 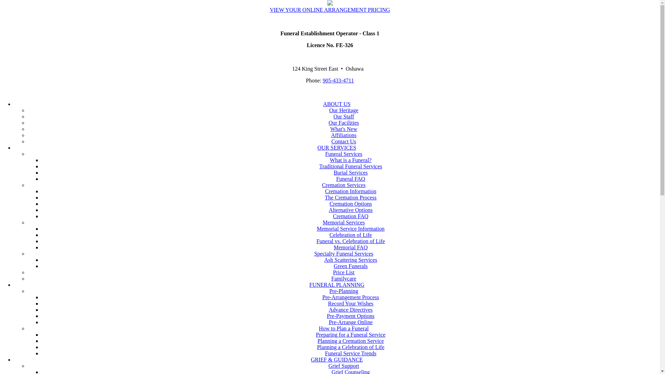 I want to click on 'ABOUT US', so click(x=337, y=104).